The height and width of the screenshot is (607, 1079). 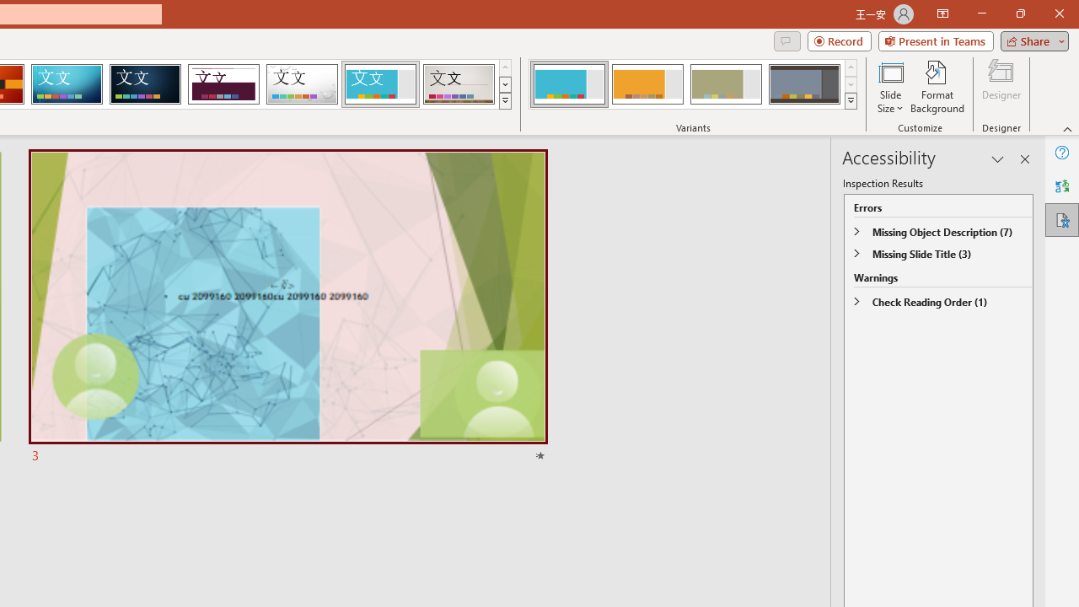 What do you see at coordinates (67, 84) in the screenshot?
I see `'Circuit'` at bounding box center [67, 84].